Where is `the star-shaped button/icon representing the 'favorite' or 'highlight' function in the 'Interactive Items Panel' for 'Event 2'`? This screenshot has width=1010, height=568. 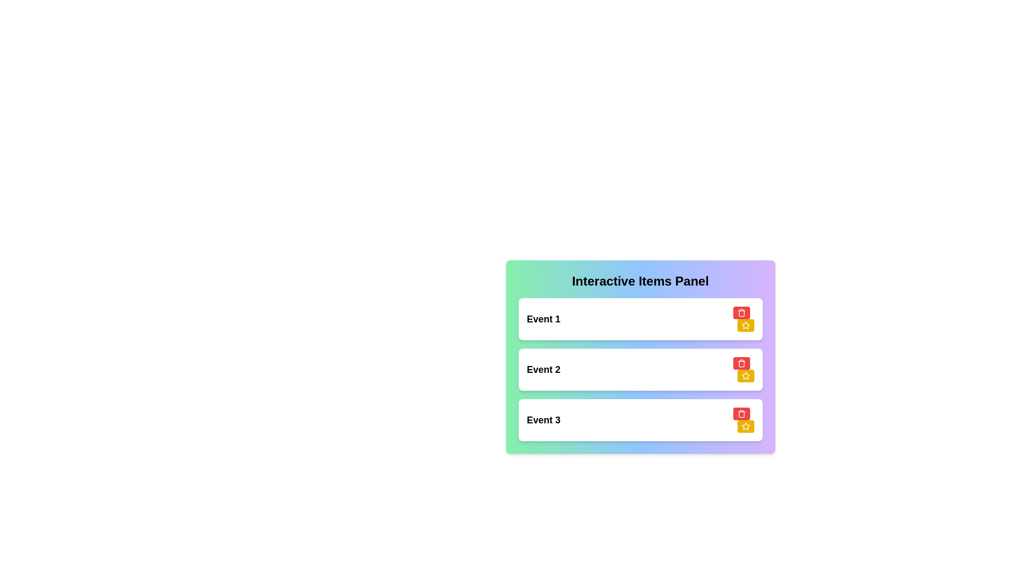 the star-shaped button/icon representing the 'favorite' or 'highlight' function in the 'Interactive Items Panel' for 'Event 2' is located at coordinates (745, 375).